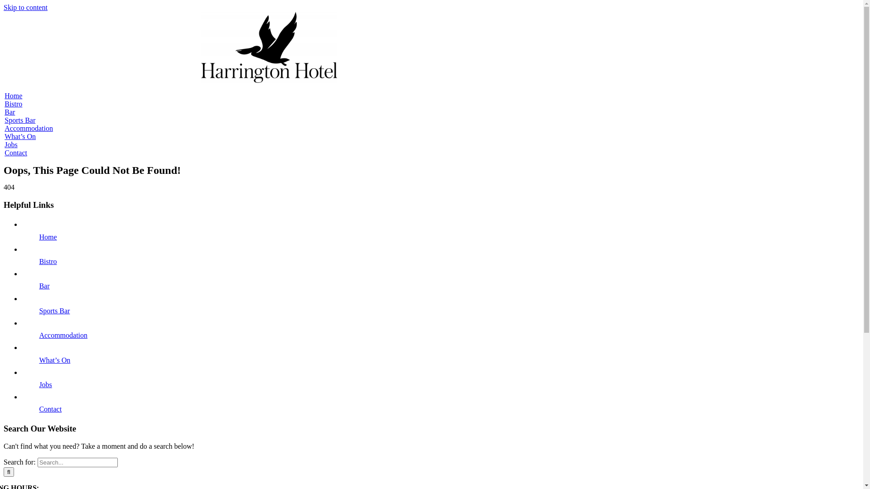  What do you see at coordinates (4, 7) in the screenshot?
I see `'Skip to content'` at bounding box center [4, 7].